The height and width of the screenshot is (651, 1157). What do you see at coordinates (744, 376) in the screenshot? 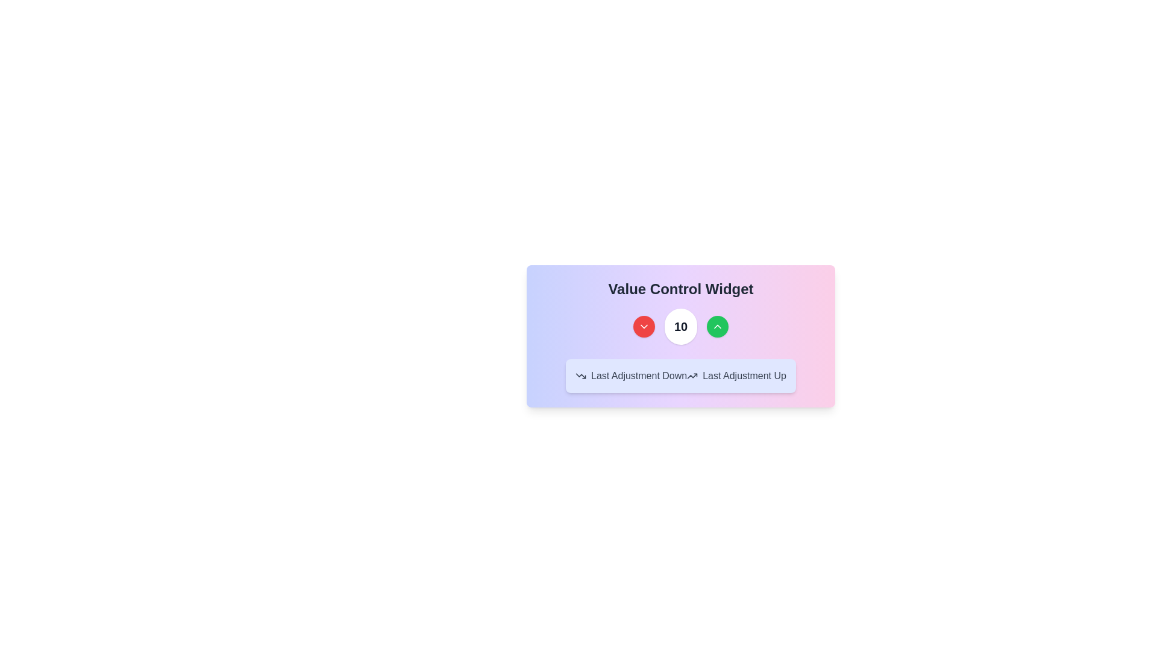
I see `the static text label that displays 'Last Adjustment Up', which is styled in dark gray on a light blue background and is part of a horizontally-aligned group of elements` at bounding box center [744, 376].